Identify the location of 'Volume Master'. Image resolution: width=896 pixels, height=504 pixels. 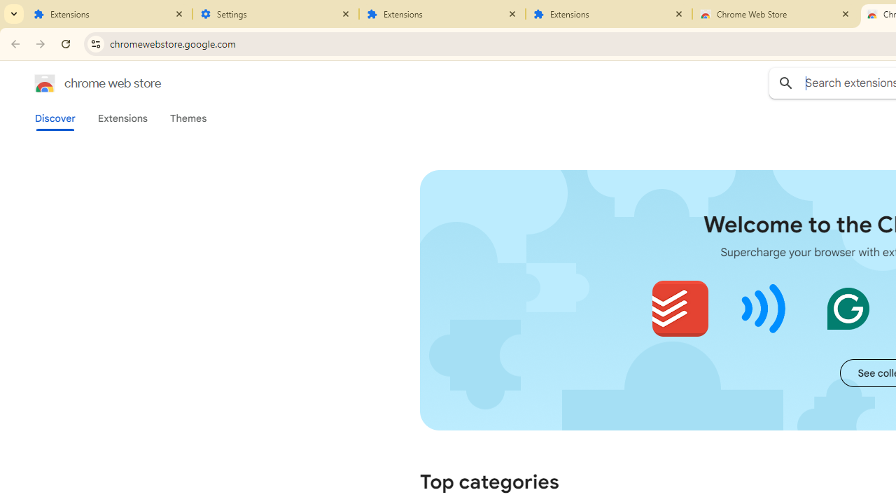
(763, 308).